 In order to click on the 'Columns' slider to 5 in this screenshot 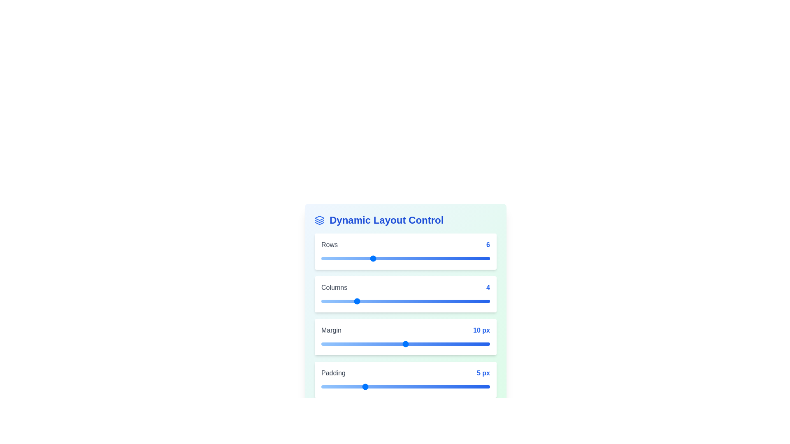, I will do `click(363, 301)`.